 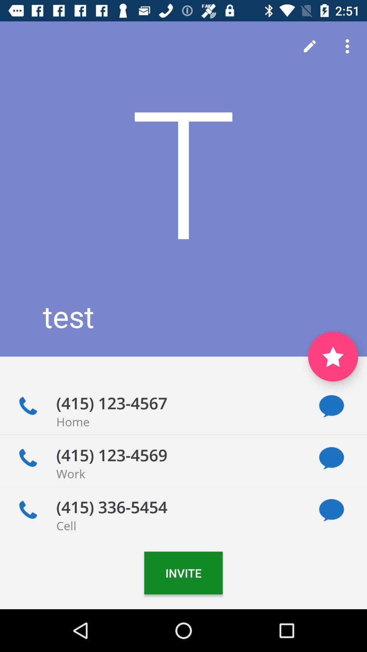 What do you see at coordinates (333, 356) in the screenshot?
I see `to favorites` at bounding box center [333, 356].